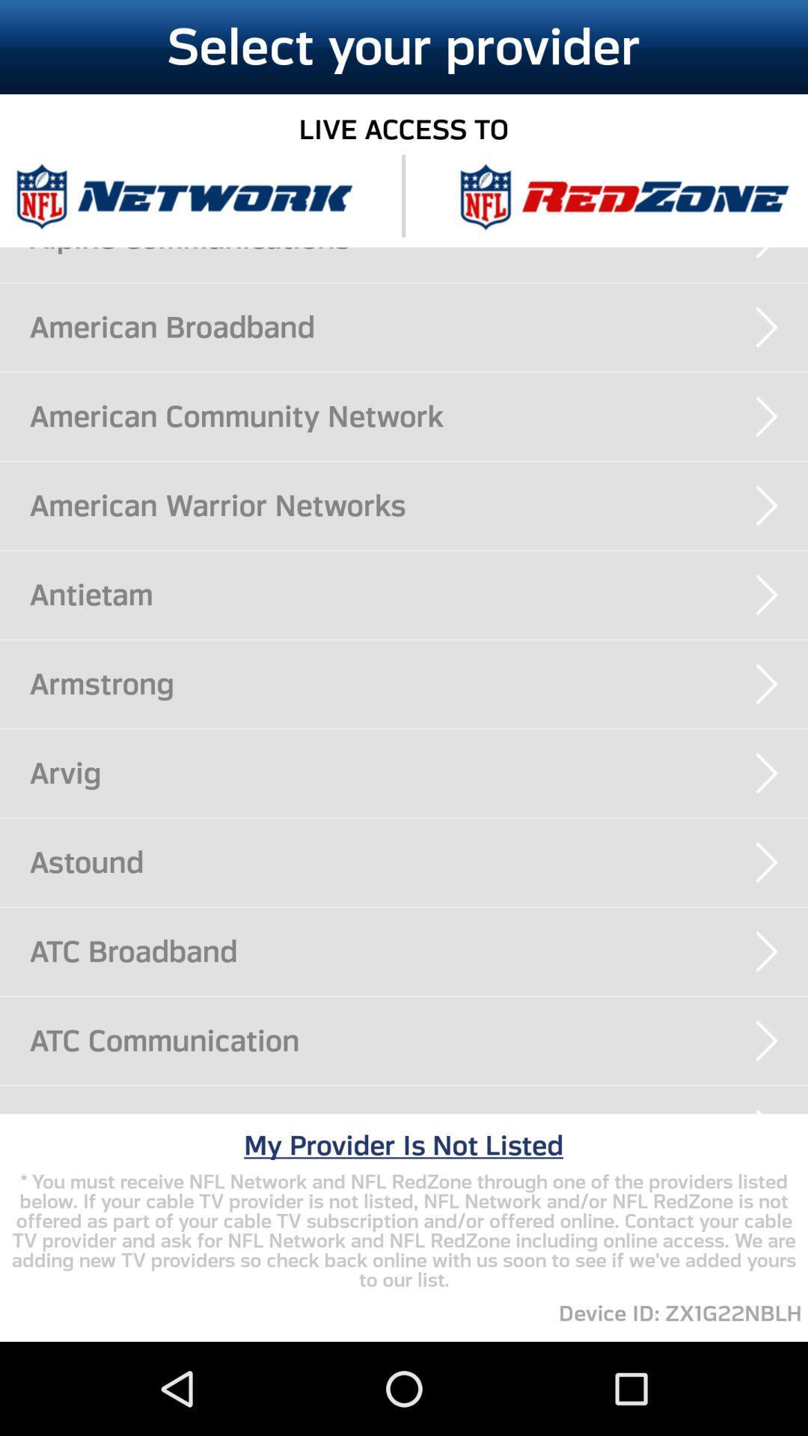 The width and height of the screenshot is (808, 1436). Describe the element at coordinates (767, 506) in the screenshot. I see `the icon right to the american warrior networks` at that location.